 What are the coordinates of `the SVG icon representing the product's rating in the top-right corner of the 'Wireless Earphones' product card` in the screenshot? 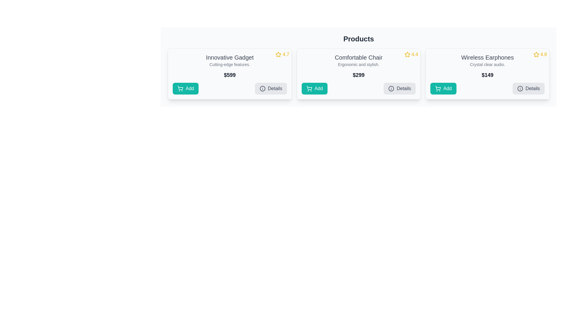 It's located at (536, 54).